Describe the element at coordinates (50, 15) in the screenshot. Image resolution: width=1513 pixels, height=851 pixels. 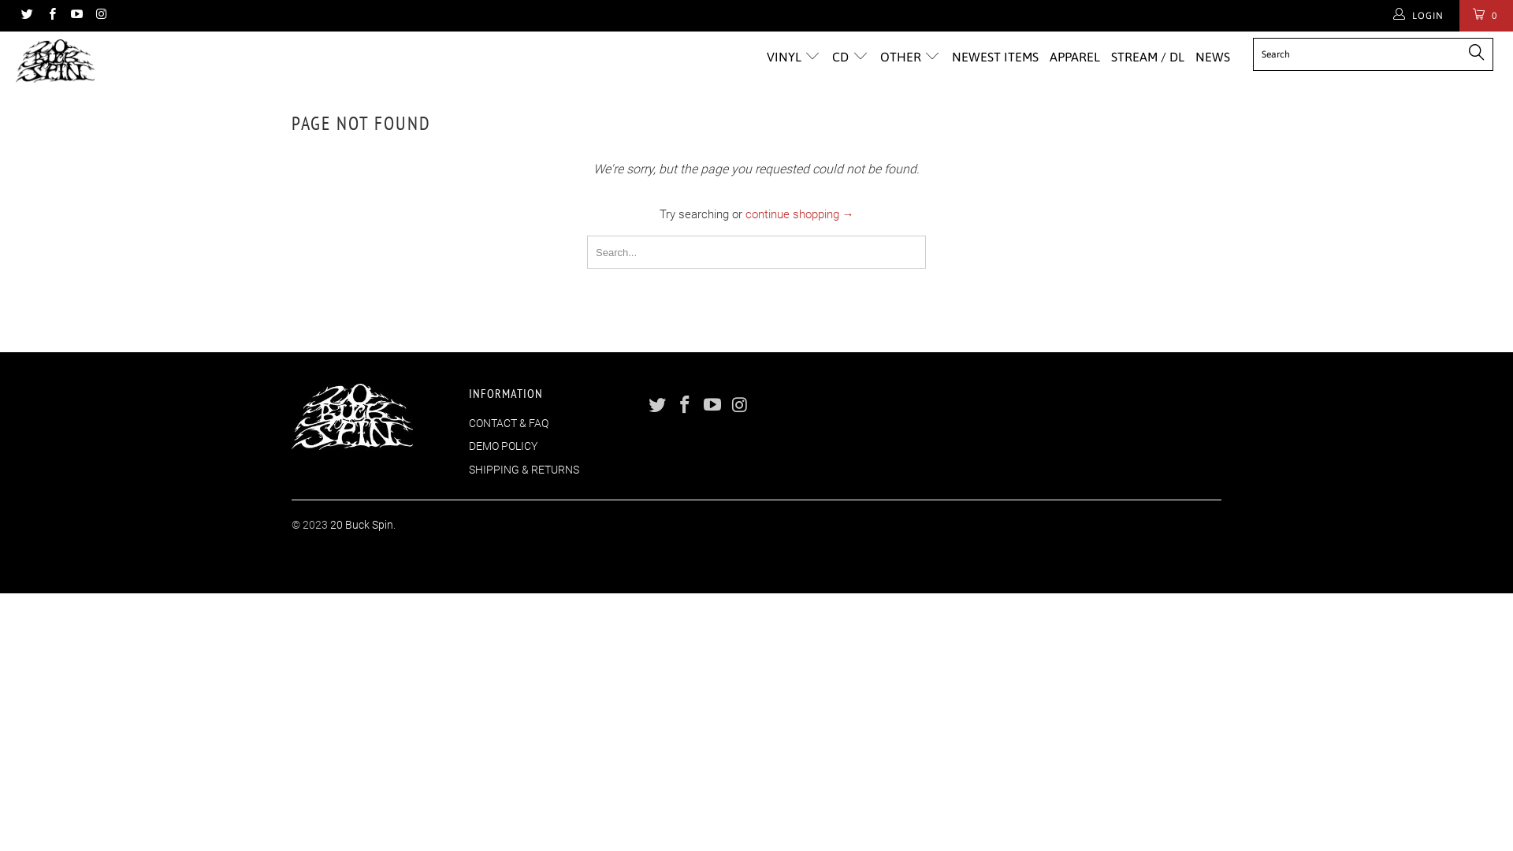
I see `'20 Buck Spin on Facebook'` at that location.